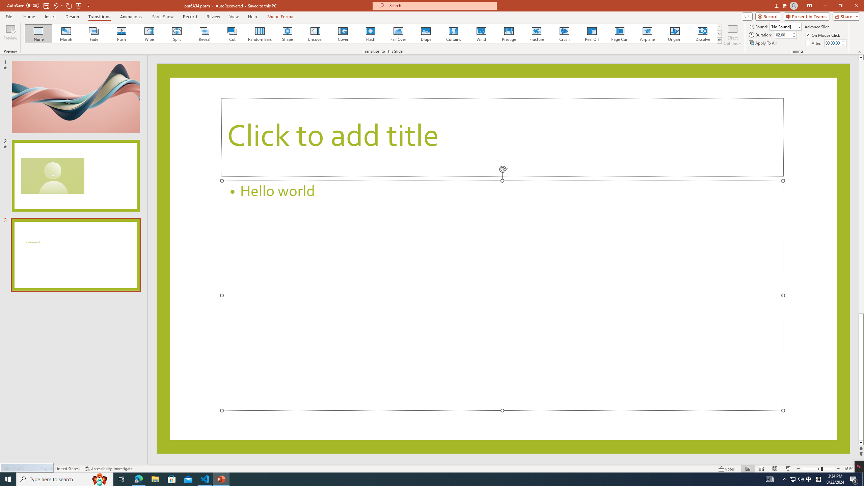 This screenshot has height=486, width=864. Describe the element at coordinates (177, 33) in the screenshot. I see `'Split'` at that location.